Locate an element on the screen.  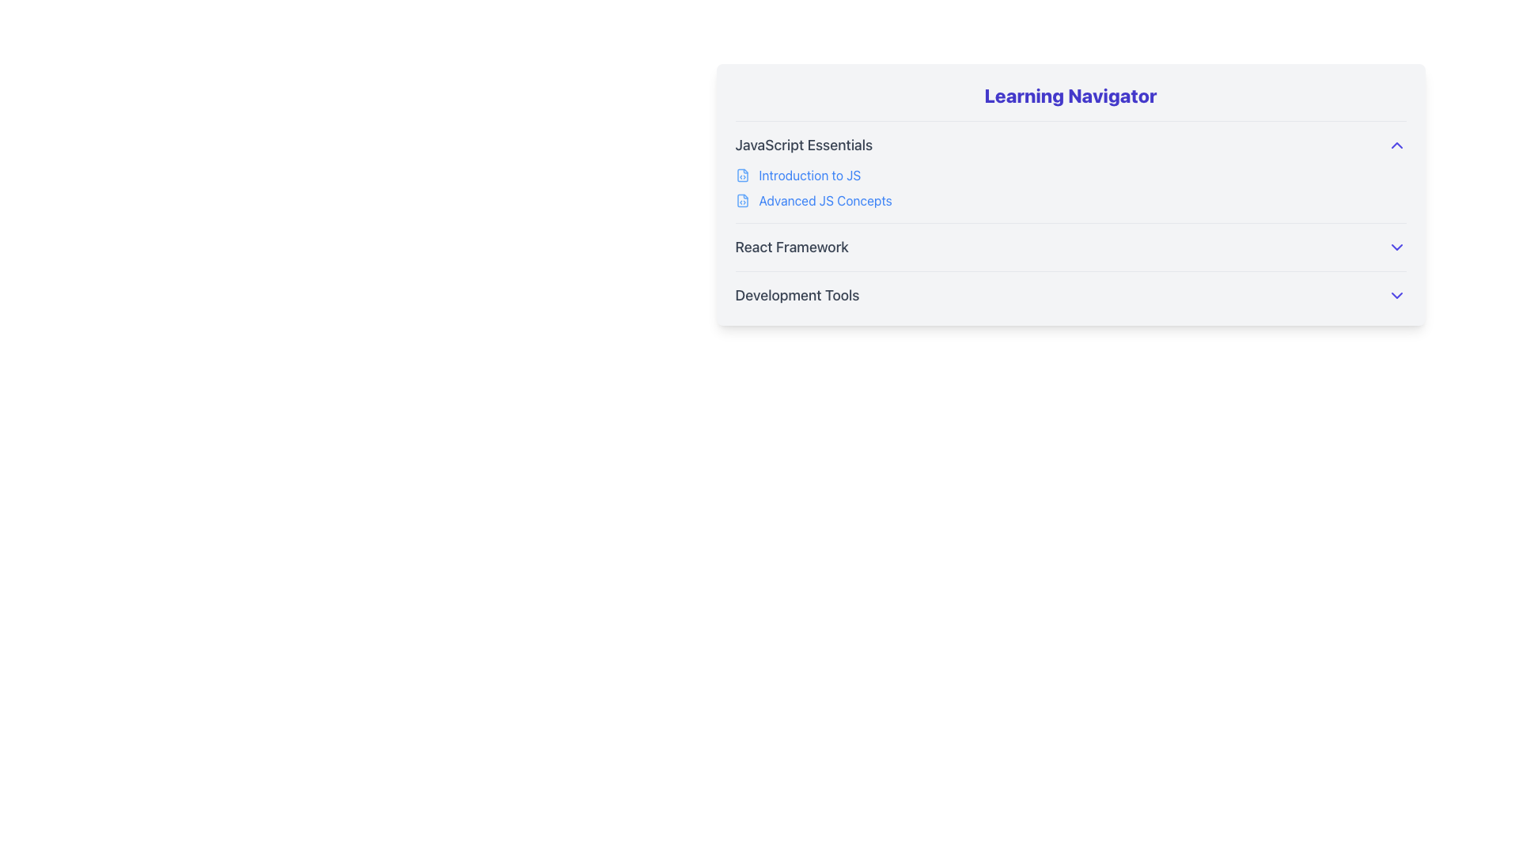
the text label styled in blue that displays 'Advanced JS Concepts' in the navigation menu is located at coordinates (824, 200).